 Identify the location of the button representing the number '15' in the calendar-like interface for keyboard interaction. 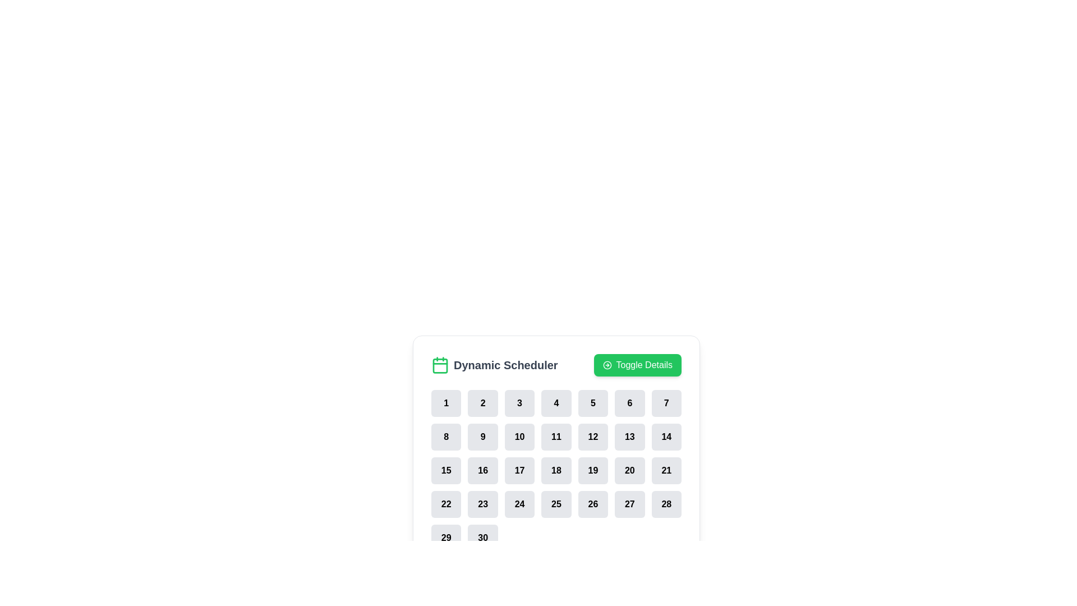
(445, 471).